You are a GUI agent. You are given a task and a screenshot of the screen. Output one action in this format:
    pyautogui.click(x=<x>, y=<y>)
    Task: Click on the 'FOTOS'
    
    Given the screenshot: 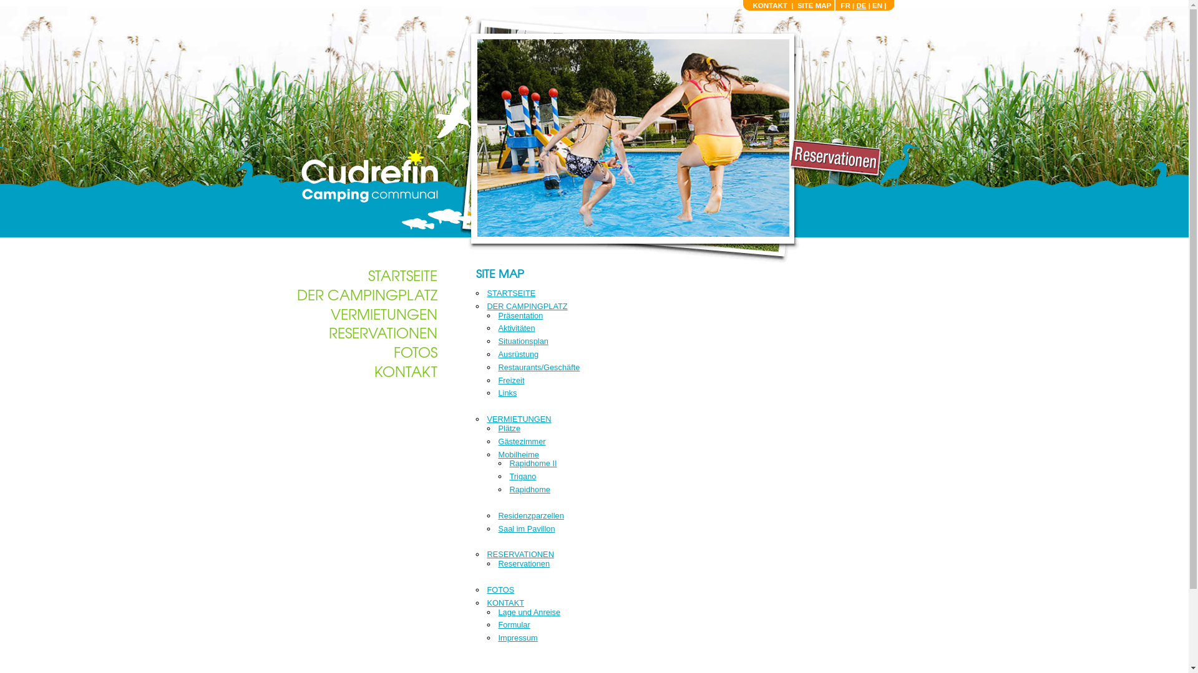 What is the action you would take?
    pyautogui.click(x=415, y=351)
    